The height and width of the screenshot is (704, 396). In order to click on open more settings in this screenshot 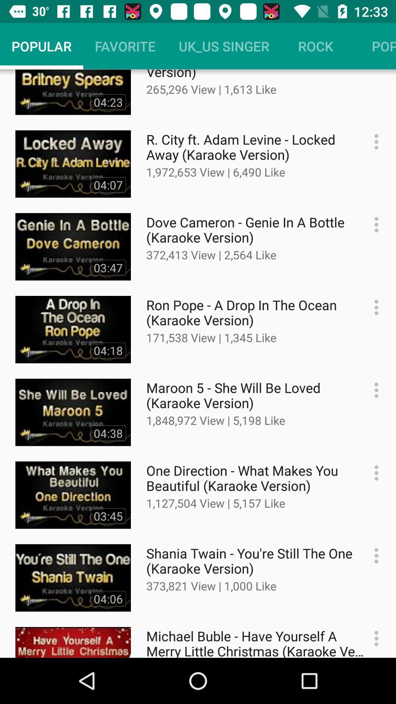, I will do `click(373, 473)`.